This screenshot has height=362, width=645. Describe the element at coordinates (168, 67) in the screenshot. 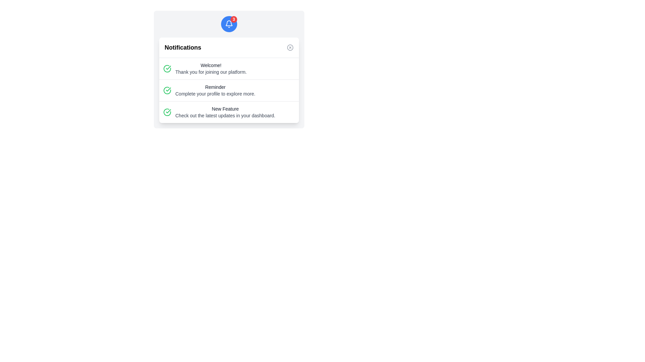

I see `the notification by clicking on the small green checkmark icon, which indicates a successful action, located in the first notification item` at that location.